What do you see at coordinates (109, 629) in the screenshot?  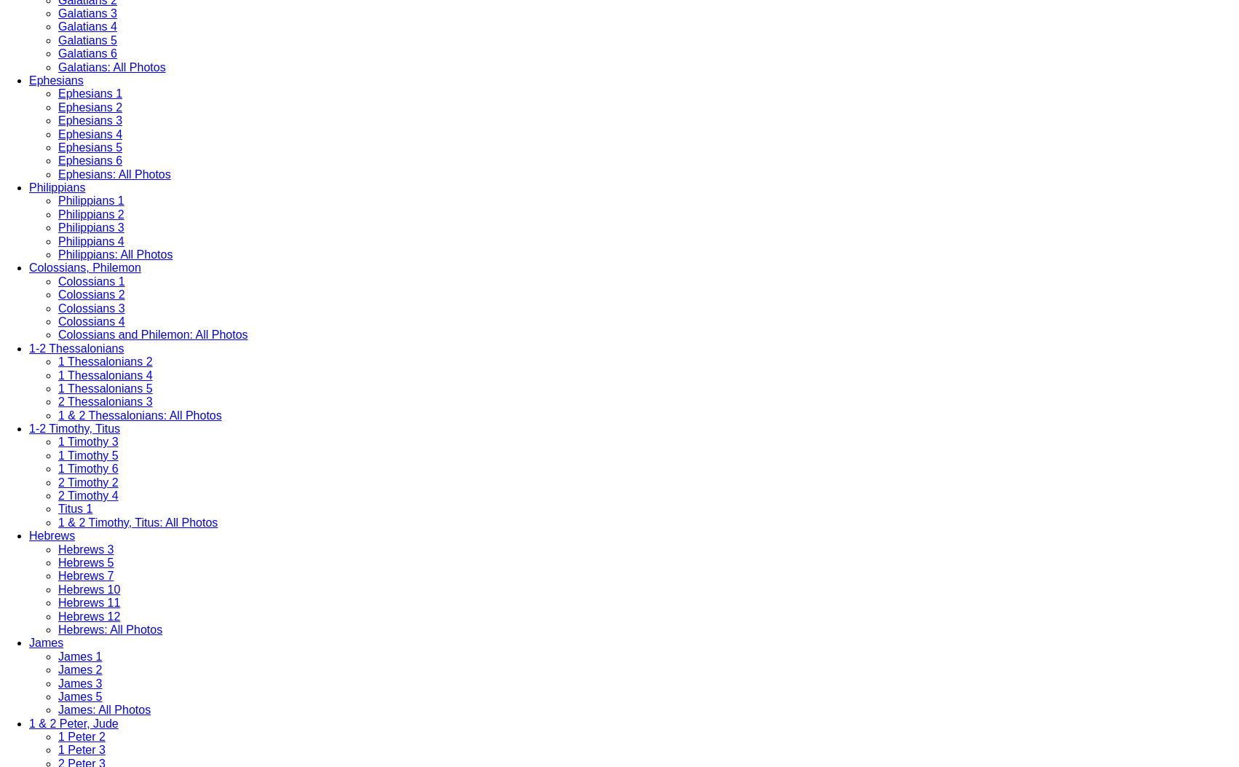 I see `'Hebrews: All Photos'` at bounding box center [109, 629].